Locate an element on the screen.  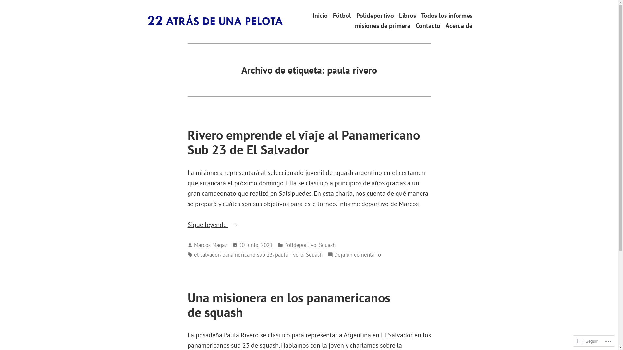
'Una misionera en los panamericanos de squash' is located at coordinates (288, 305).